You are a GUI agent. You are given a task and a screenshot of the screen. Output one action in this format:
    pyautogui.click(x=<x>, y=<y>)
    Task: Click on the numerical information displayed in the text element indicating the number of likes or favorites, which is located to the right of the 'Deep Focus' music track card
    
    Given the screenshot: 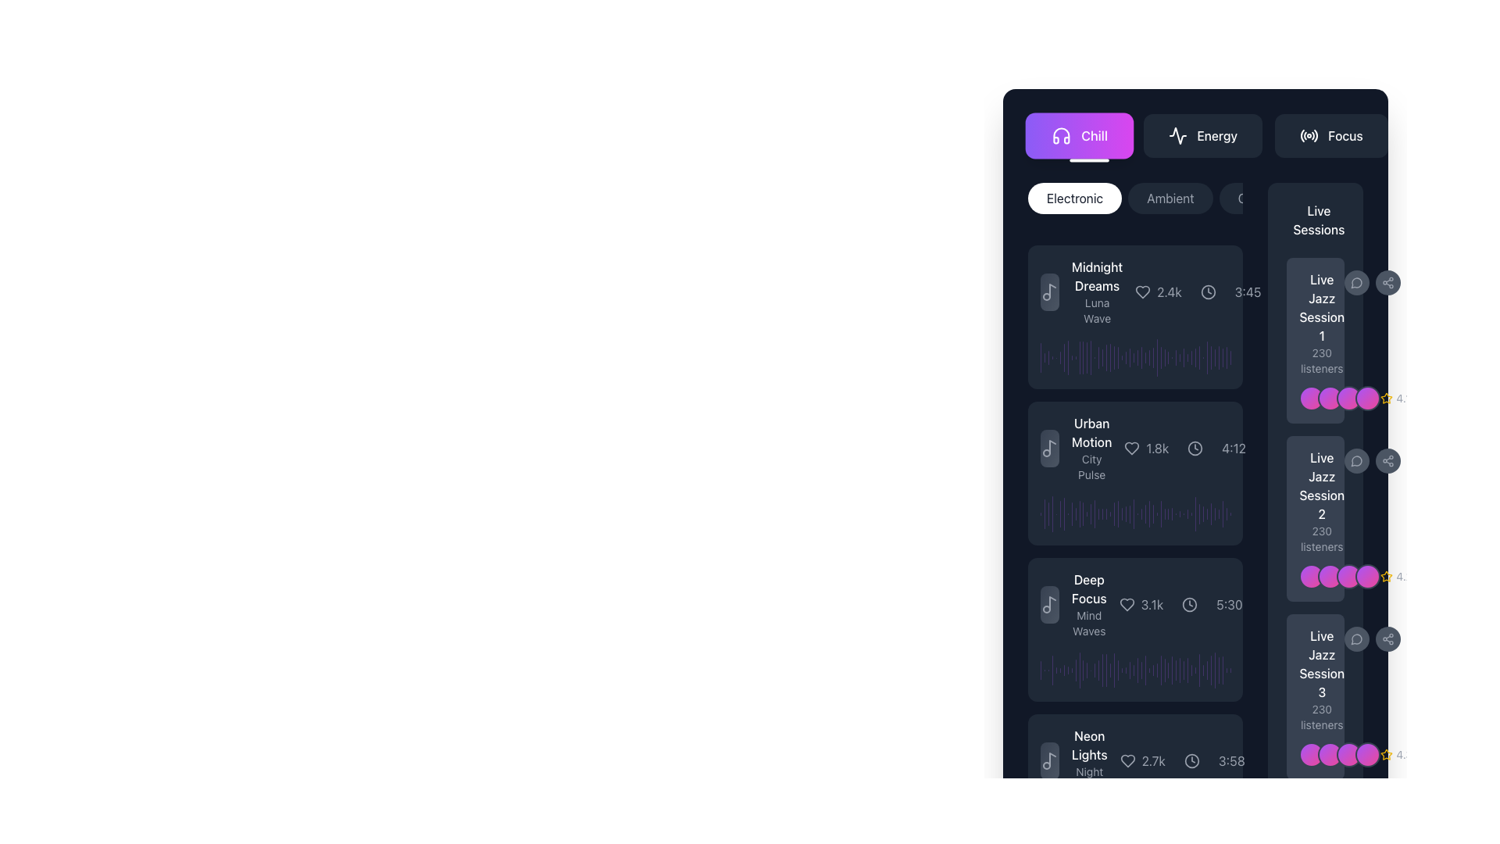 What is the action you would take?
    pyautogui.click(x=1152, y=604)
    